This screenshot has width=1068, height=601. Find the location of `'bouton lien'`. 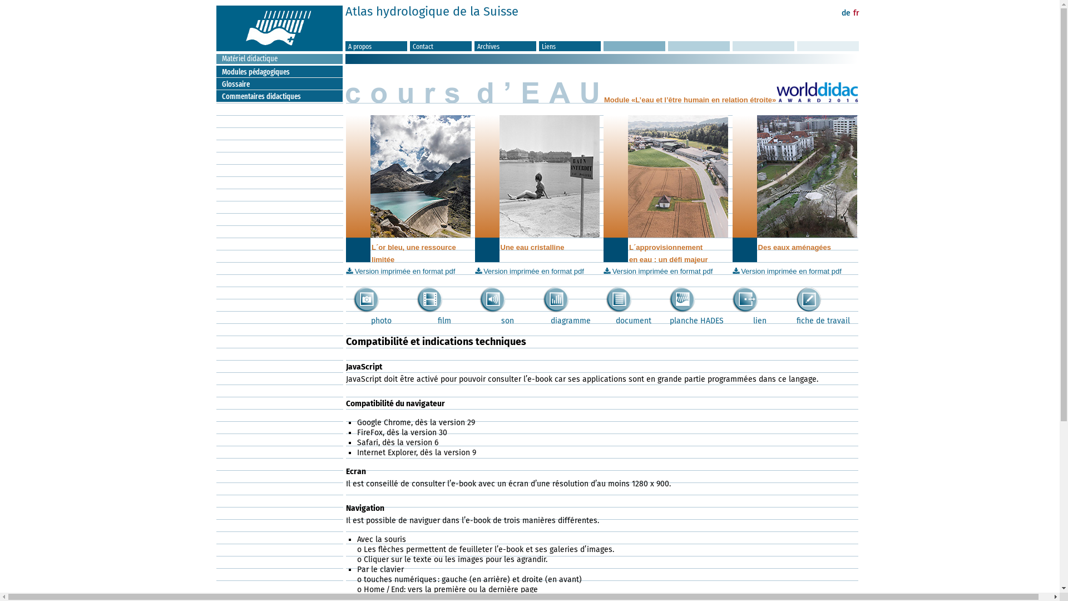

'bouton lien' is located at coordinates (745, 299).